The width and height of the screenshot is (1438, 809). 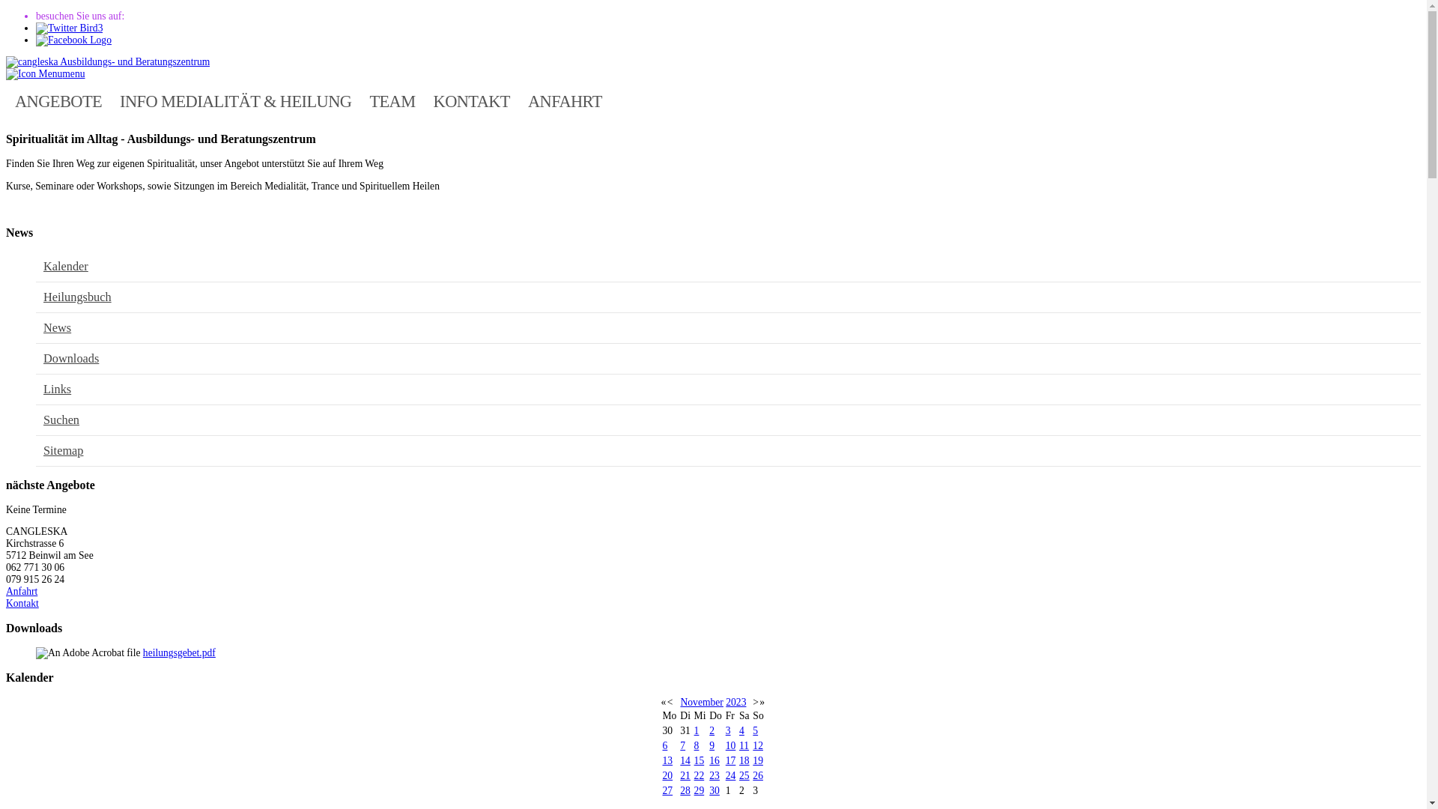 I want to click on '8', so click(x=696, y=745).